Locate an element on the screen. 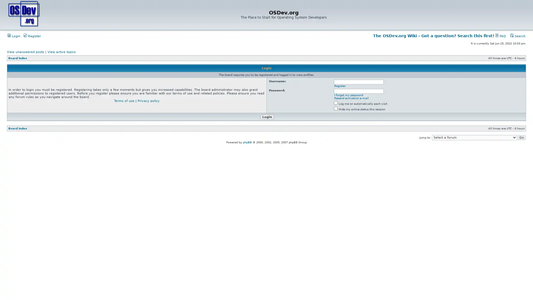 The image size is (533, 300). Login is located at coordinates (267, 116).